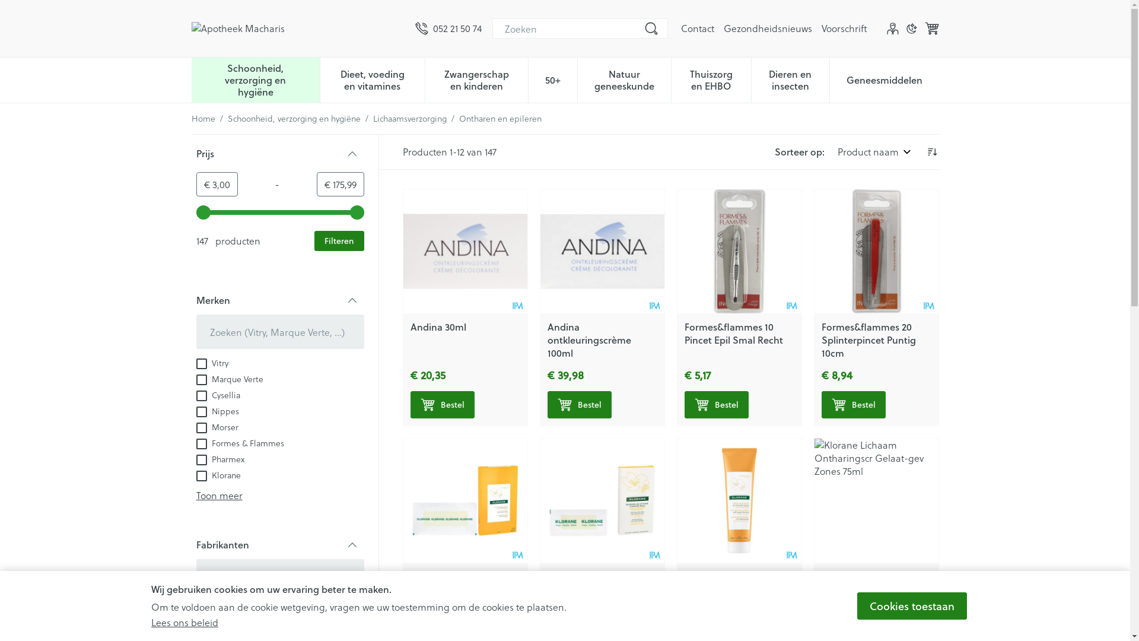 Image resolution: width=1139 pixels, height=641 pixels. What do you see at coordinates (820, 27) in the screenshot?
I see `'Voorschrift'` at bounding box center [820, 27].